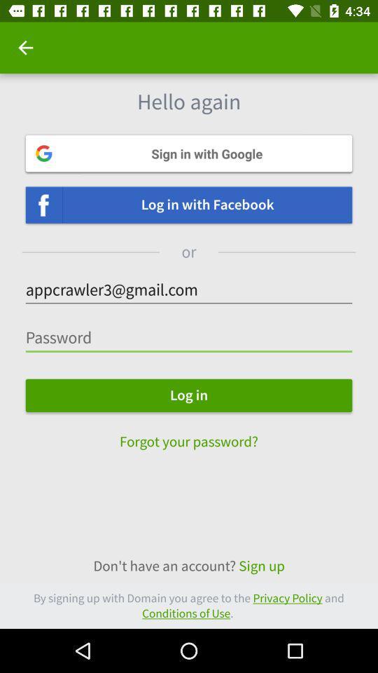 Image resolution: width=378 pixels, height=673 pixels. Describe the element at coordinates (189, 154) in the screenshot. I see `the text sign in with google` at that location.